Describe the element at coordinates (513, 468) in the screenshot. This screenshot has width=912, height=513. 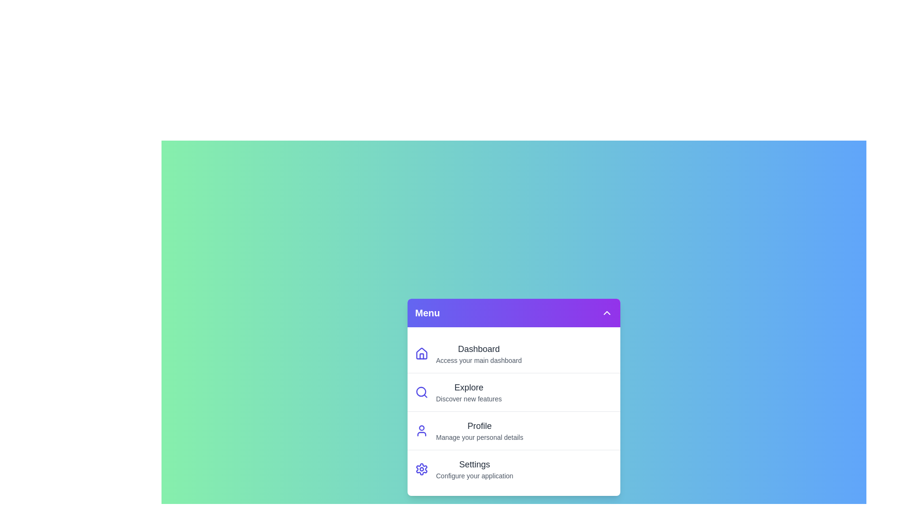
I see `the menu item Settings from the menu` at that location.